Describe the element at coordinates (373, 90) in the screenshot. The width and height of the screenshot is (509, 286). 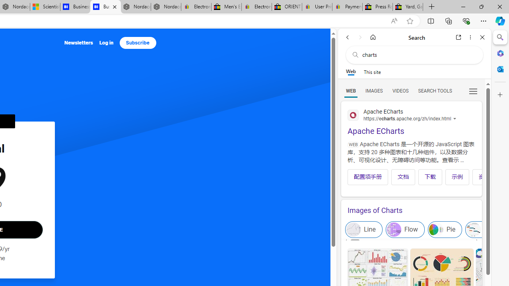
I see `'IMAGES'` at that location.